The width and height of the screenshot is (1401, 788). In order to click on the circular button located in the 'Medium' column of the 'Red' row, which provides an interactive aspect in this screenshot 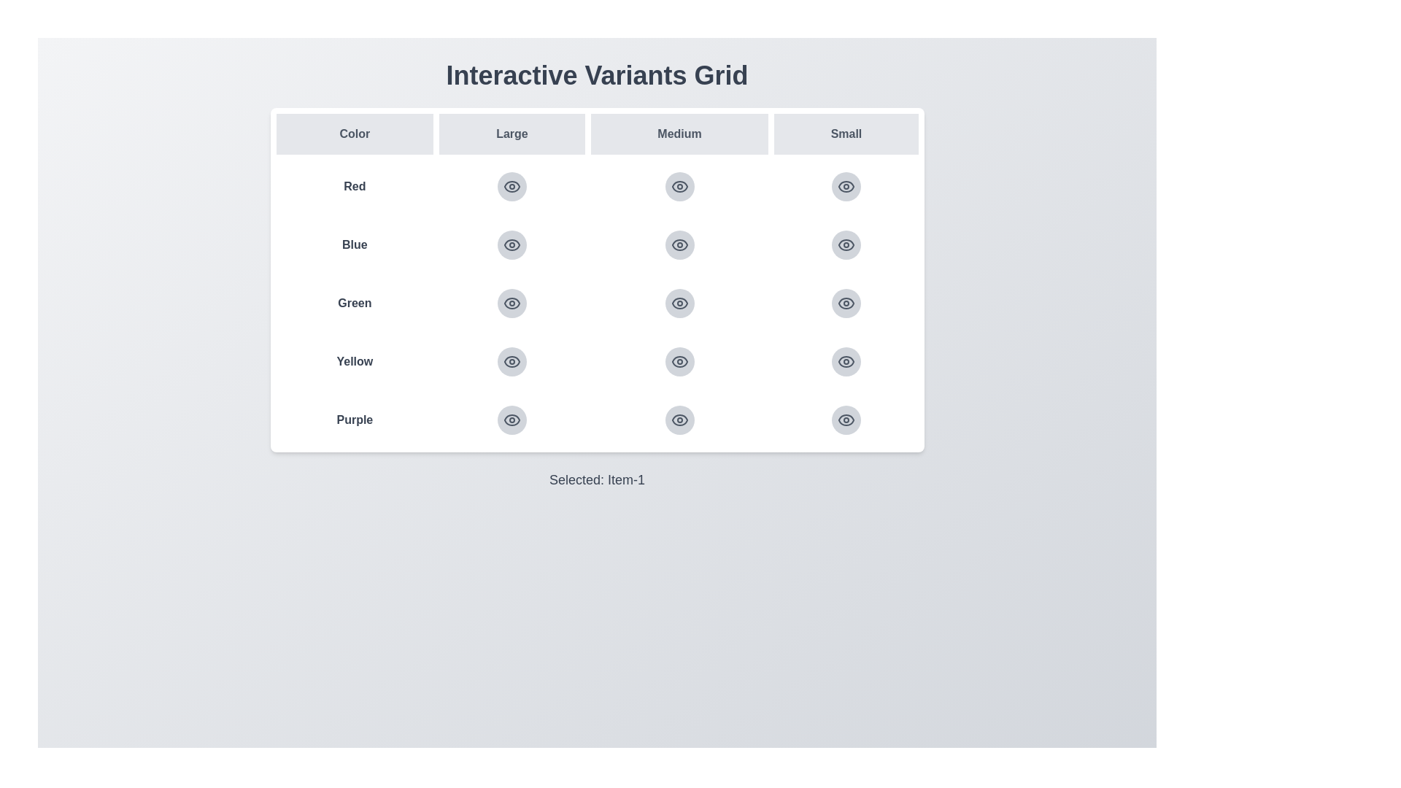, I will do `click(597, 185)`.